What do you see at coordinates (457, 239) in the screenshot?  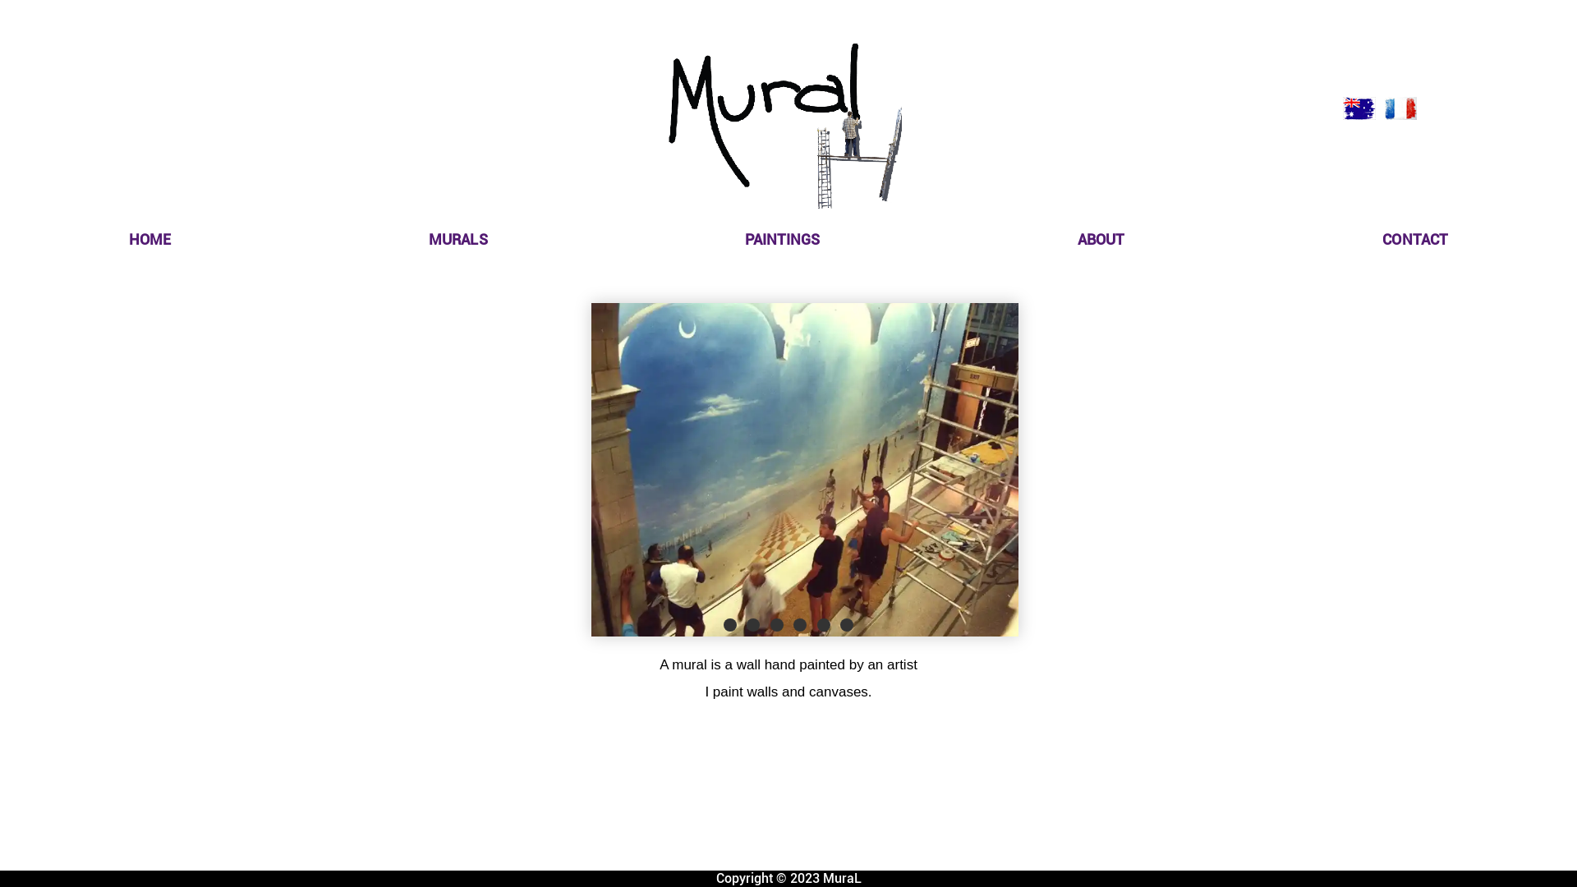 I see `'MURALS'` at bounding box center [457, 239].